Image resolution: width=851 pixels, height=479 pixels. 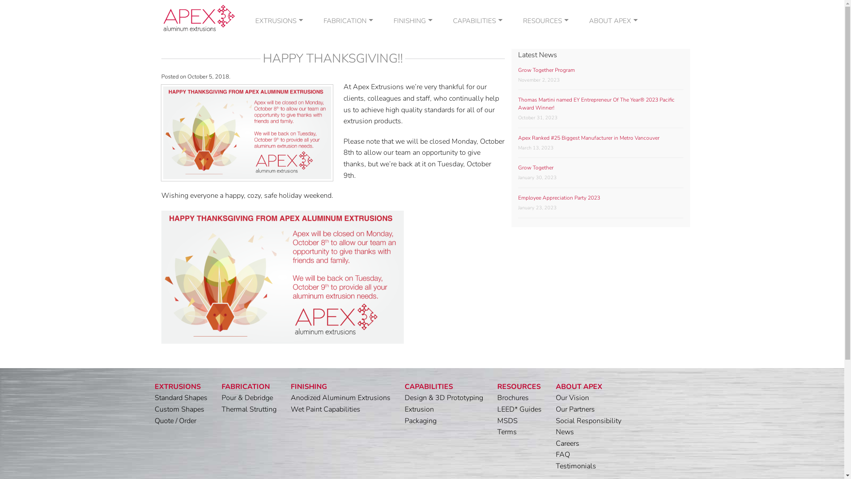 I want to click on 'Wet Paint Capabilities', so click(x=325, y=409).